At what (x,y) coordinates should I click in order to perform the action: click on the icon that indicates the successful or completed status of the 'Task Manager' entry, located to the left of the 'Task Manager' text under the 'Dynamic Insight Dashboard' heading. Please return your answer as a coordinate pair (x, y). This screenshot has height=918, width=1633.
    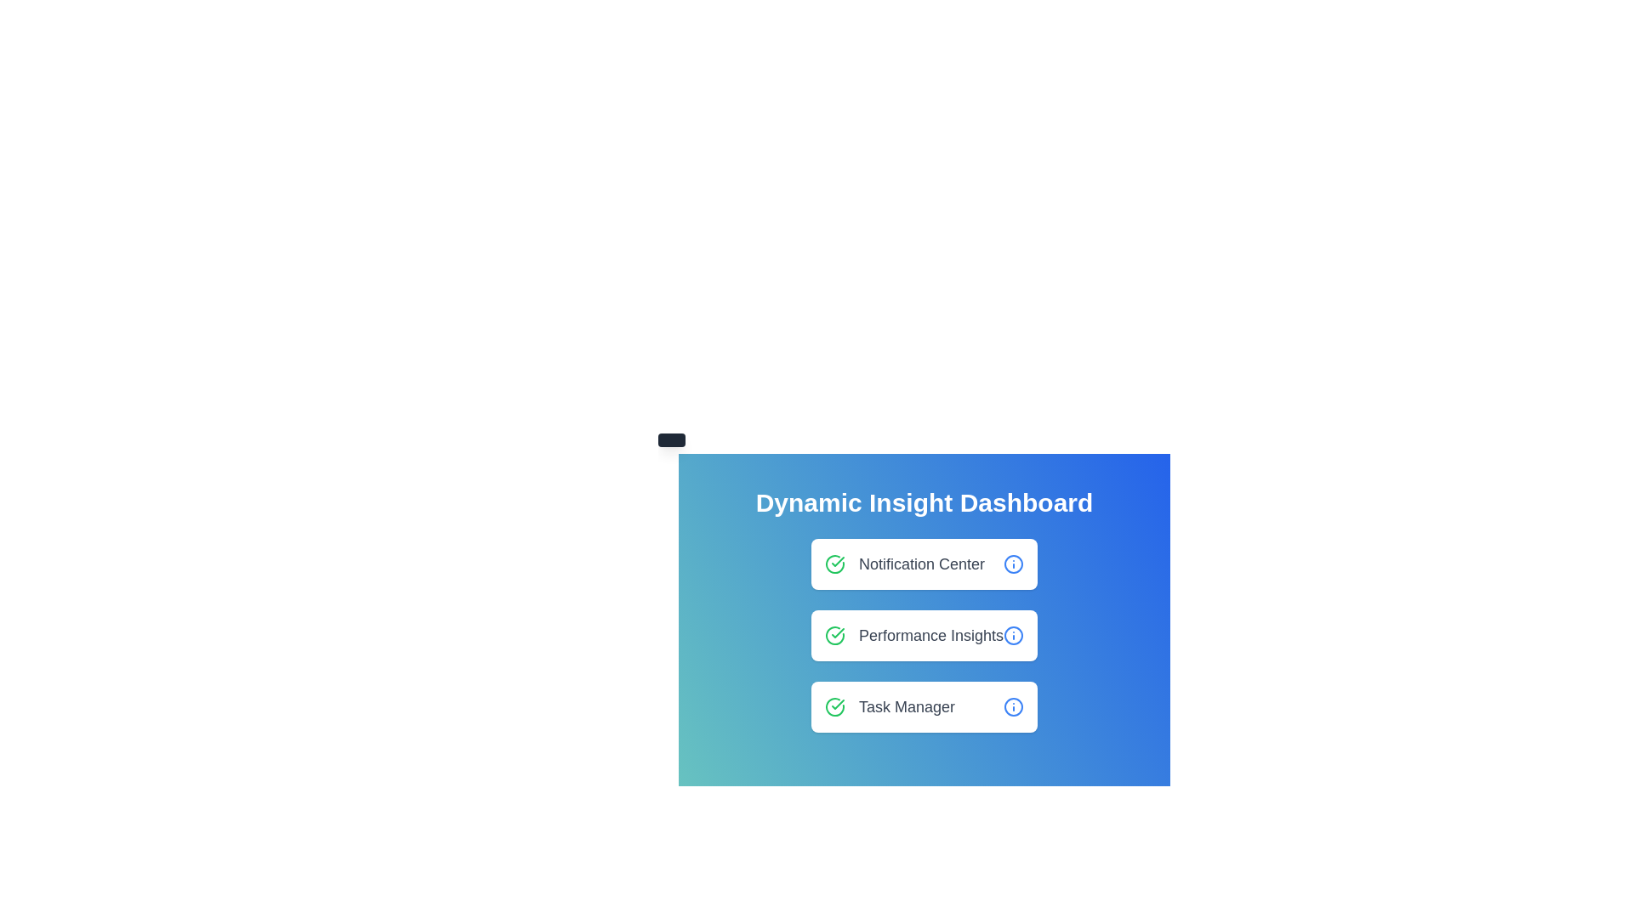
    Looking at the image, I should click on (834, 707).